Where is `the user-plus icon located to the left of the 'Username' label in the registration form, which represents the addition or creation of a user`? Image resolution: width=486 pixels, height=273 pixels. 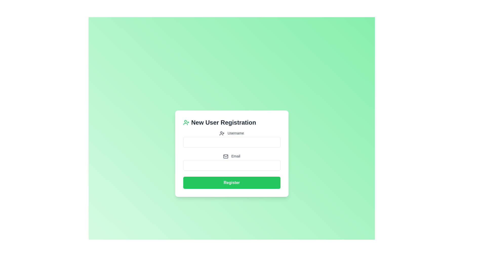
the user-plus icon located to the left of the 'Username' label in the registration form, which represents the addition or creation of a user is located at coordinates (222, 133).